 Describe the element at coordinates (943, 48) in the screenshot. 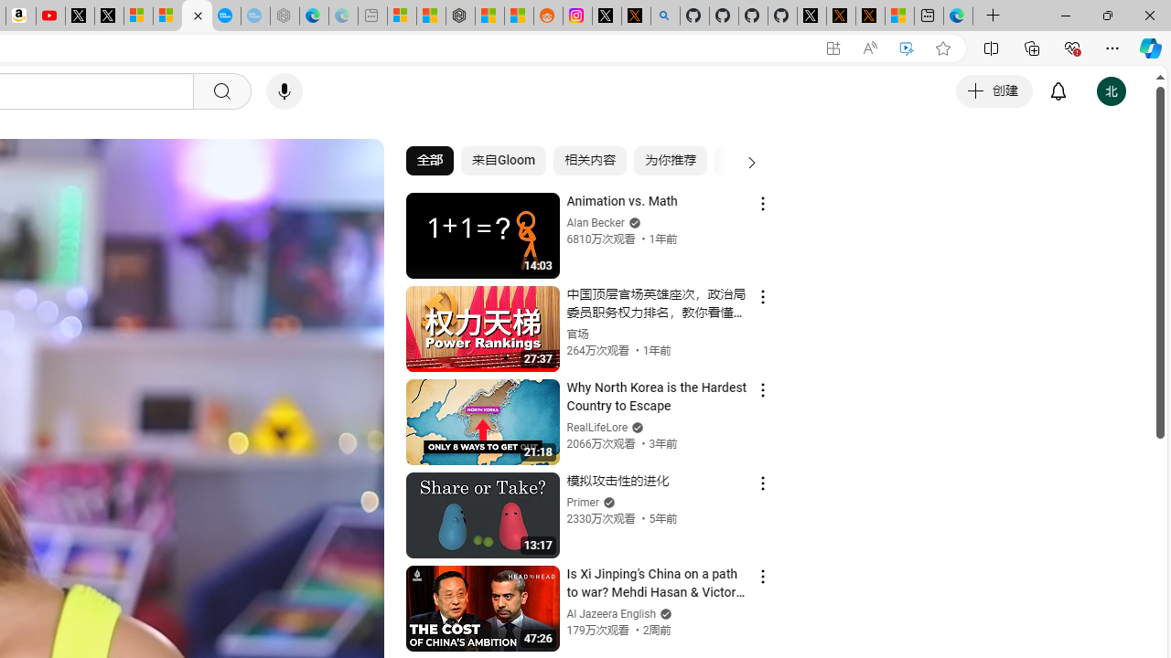

I see `'Add this page to favorites (Ctrl+D)'` at that location.